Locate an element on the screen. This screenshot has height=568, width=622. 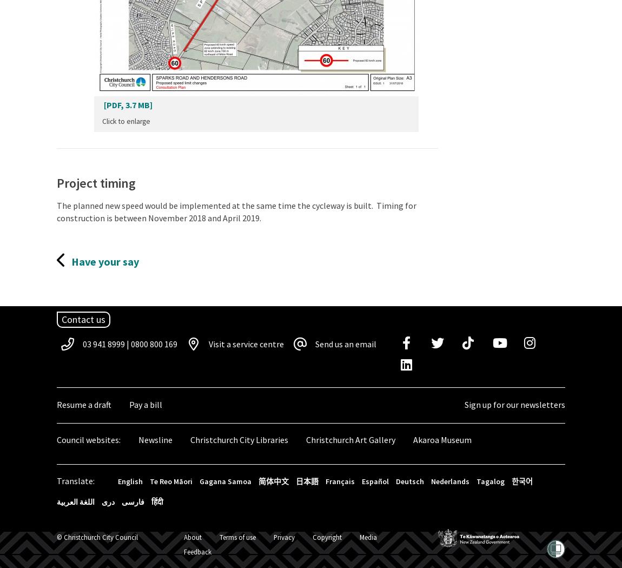
'Council websites:' is located at coordinates (56, 439).